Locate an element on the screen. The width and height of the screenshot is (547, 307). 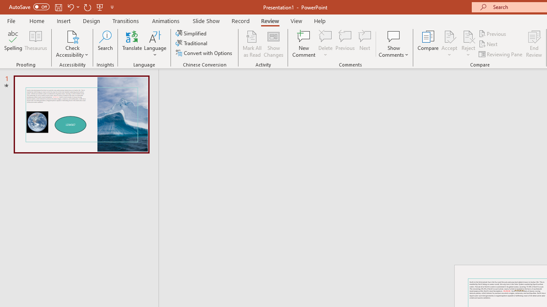
'Help' is located at coordinates (319, 20).